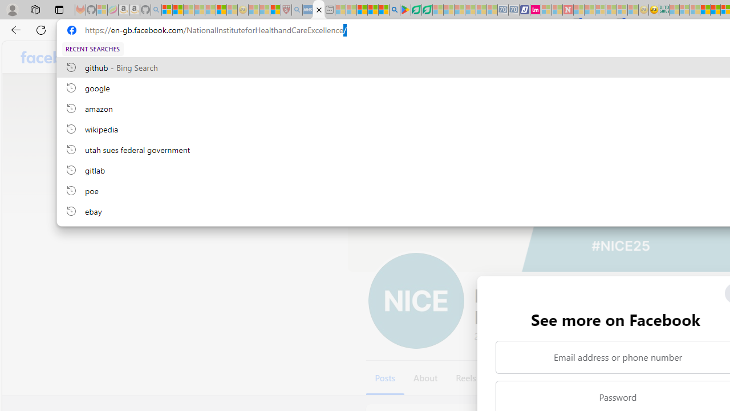 Image resolution: width=730 pixels, height=411 pixels. Describe the element at coordinates (395, 10) in the screenshot. I see `'google - Search'` at that location.